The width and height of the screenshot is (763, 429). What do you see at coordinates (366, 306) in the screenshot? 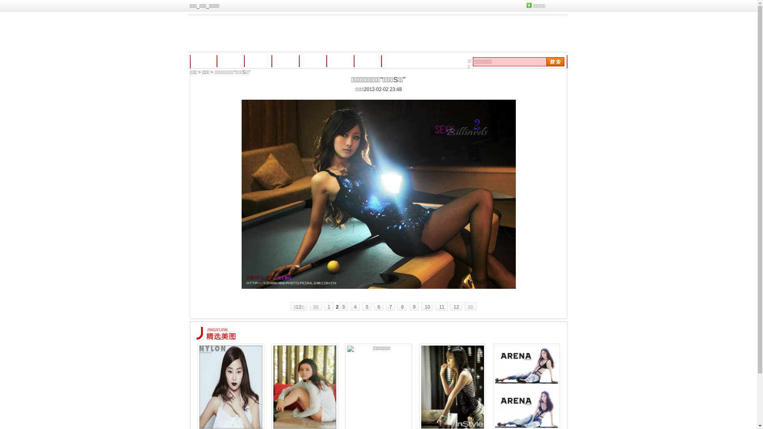
I see `'5'` at bounding box center [366, 306].